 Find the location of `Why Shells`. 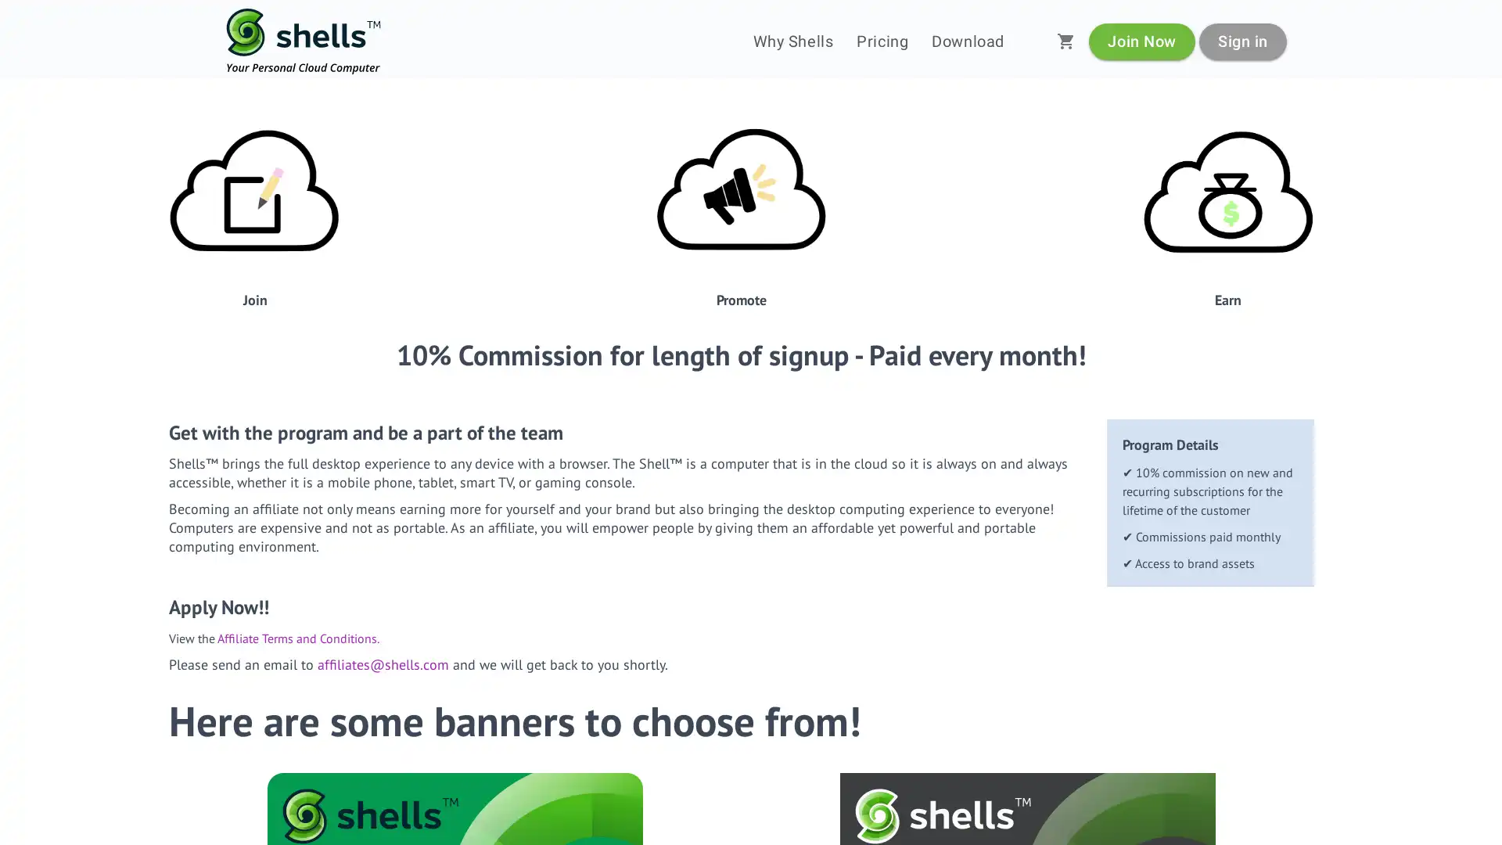

Why Shells is located at coordinates (792, 41).